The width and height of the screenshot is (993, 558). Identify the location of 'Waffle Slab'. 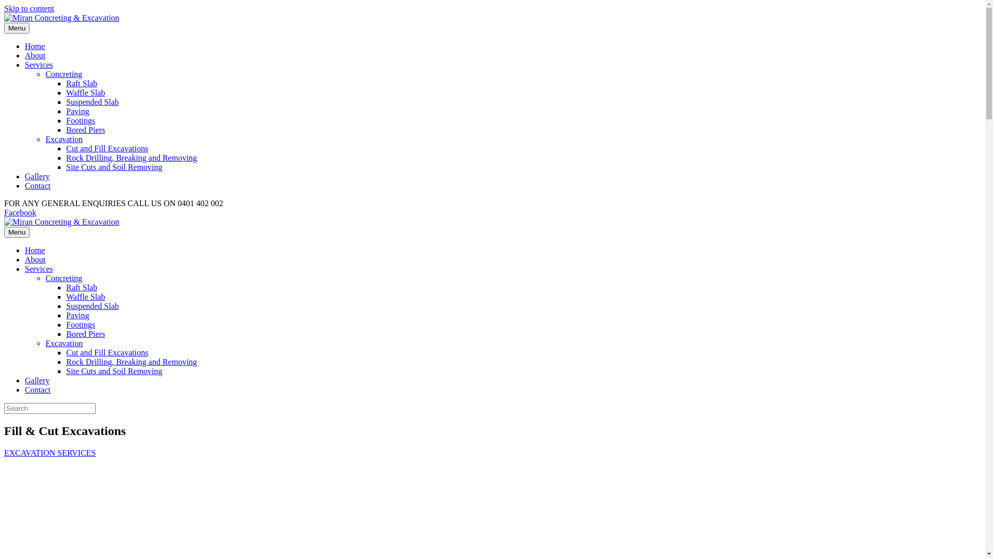
(66, 297).